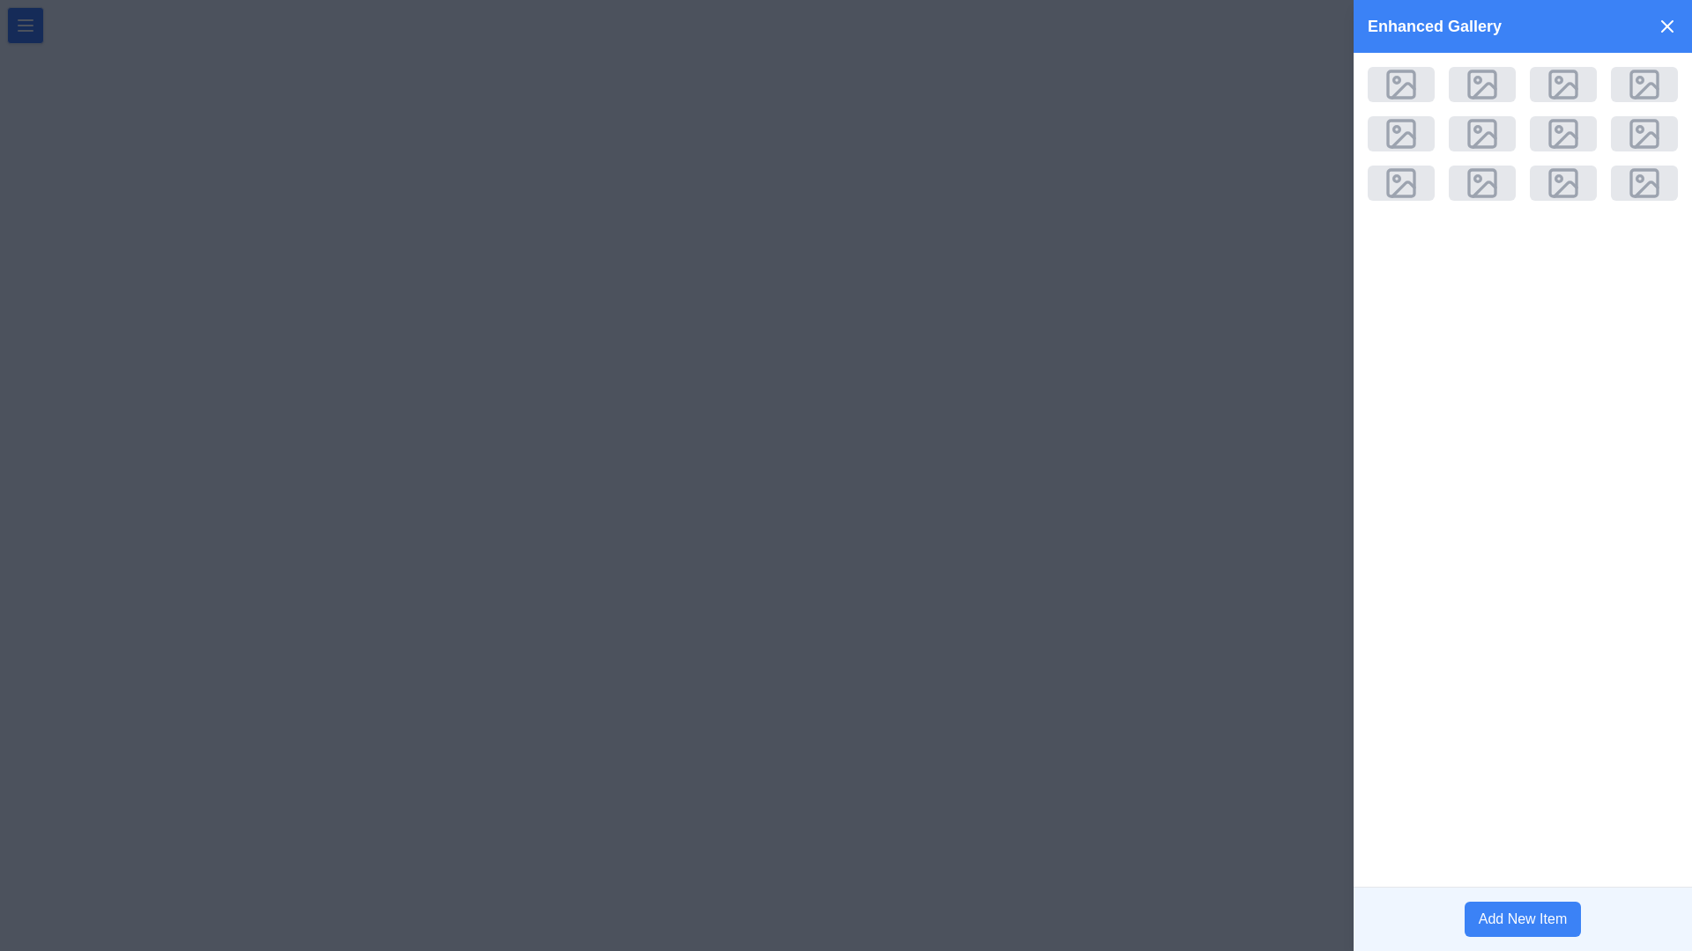 The height and width of the screenshot is (951, 1692). I want to click on and drop an image, so click(1644, 132).